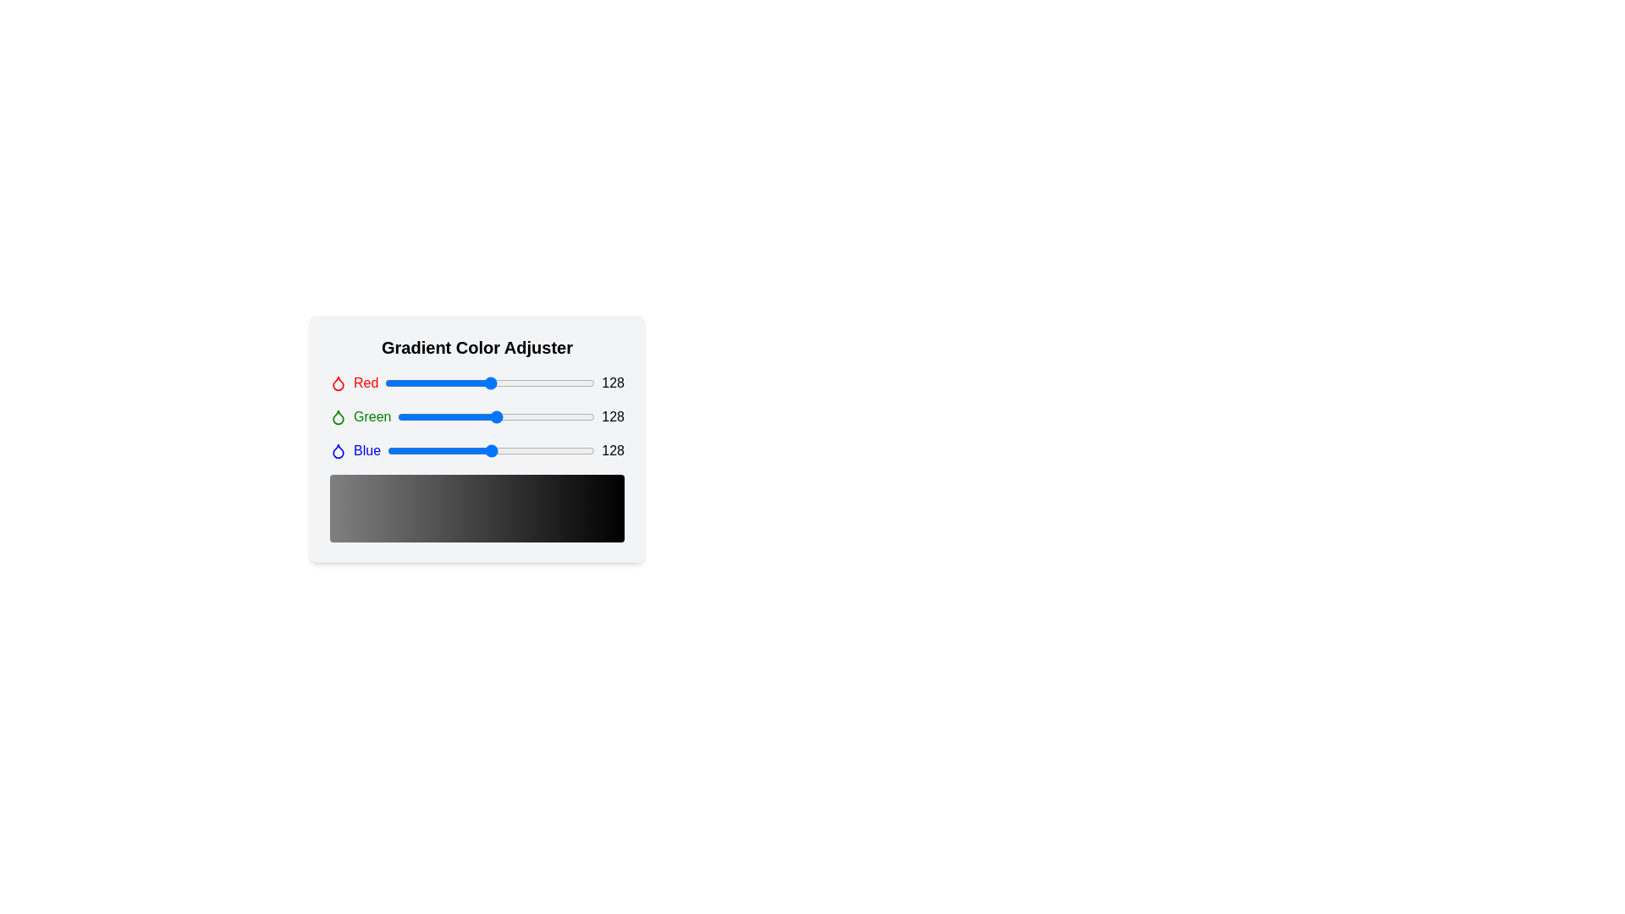 The image size is (1625, 914). Describe the element at coordinates (486, 417) in the screenshot. I see `the green slider to 115` at that location.